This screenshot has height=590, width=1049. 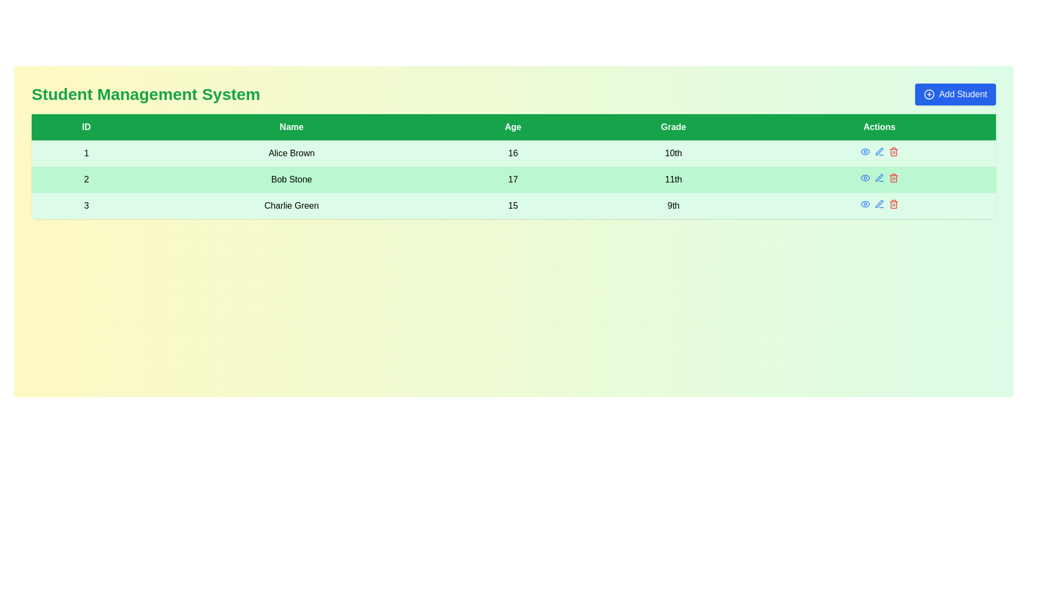 I want to click on the blue pen icon in the Actions column, located in the second row of the data table, positioned between the eye icon and the trash bin icon, so click(x=879, y=177).